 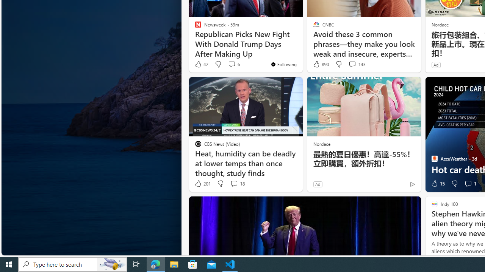 What do you see at coordinates (283, 63) in the screenshot?
I see `'You'` at bounding box center [283, 63].